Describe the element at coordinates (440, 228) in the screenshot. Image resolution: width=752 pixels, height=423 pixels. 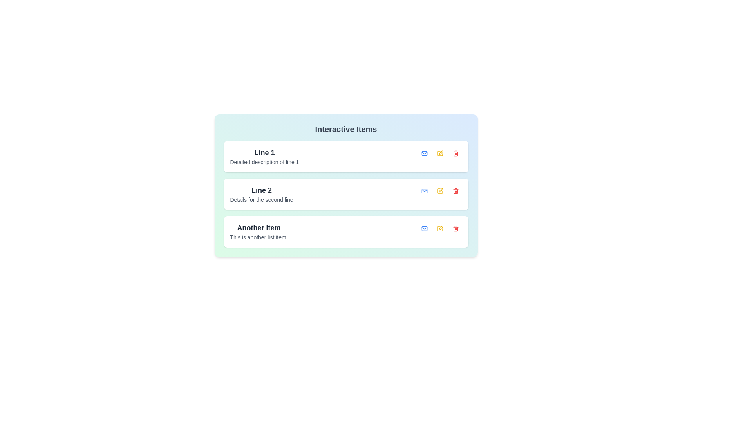
I see `edit button for the item with title 'Another Item'` at that location.